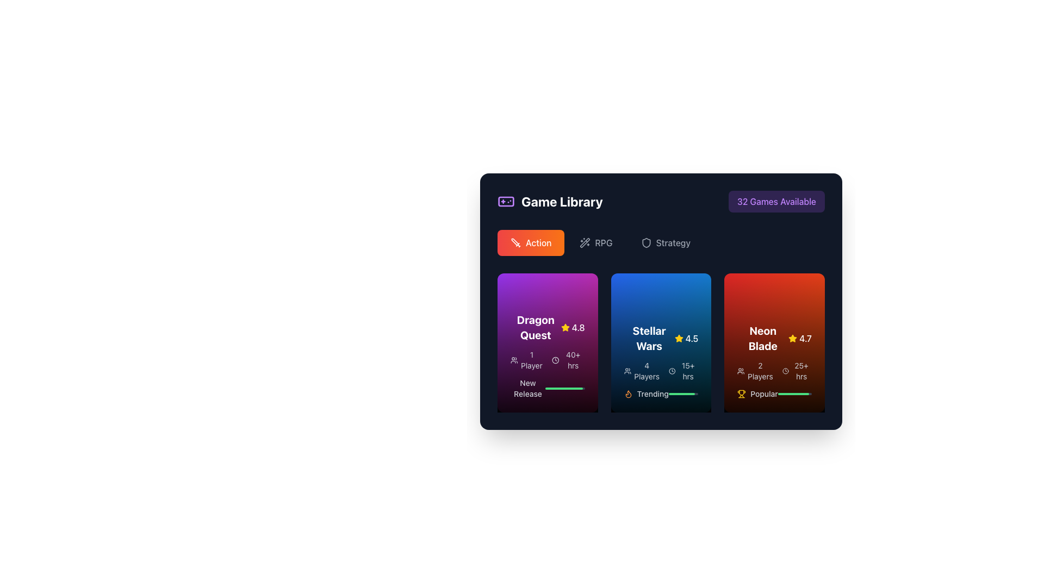 The height and width of the screenshot is (587, 1044). Describe the element at coordinates (774, 343) in the screenshot. I see `the Information card representing a specific game in the game library` at that location.